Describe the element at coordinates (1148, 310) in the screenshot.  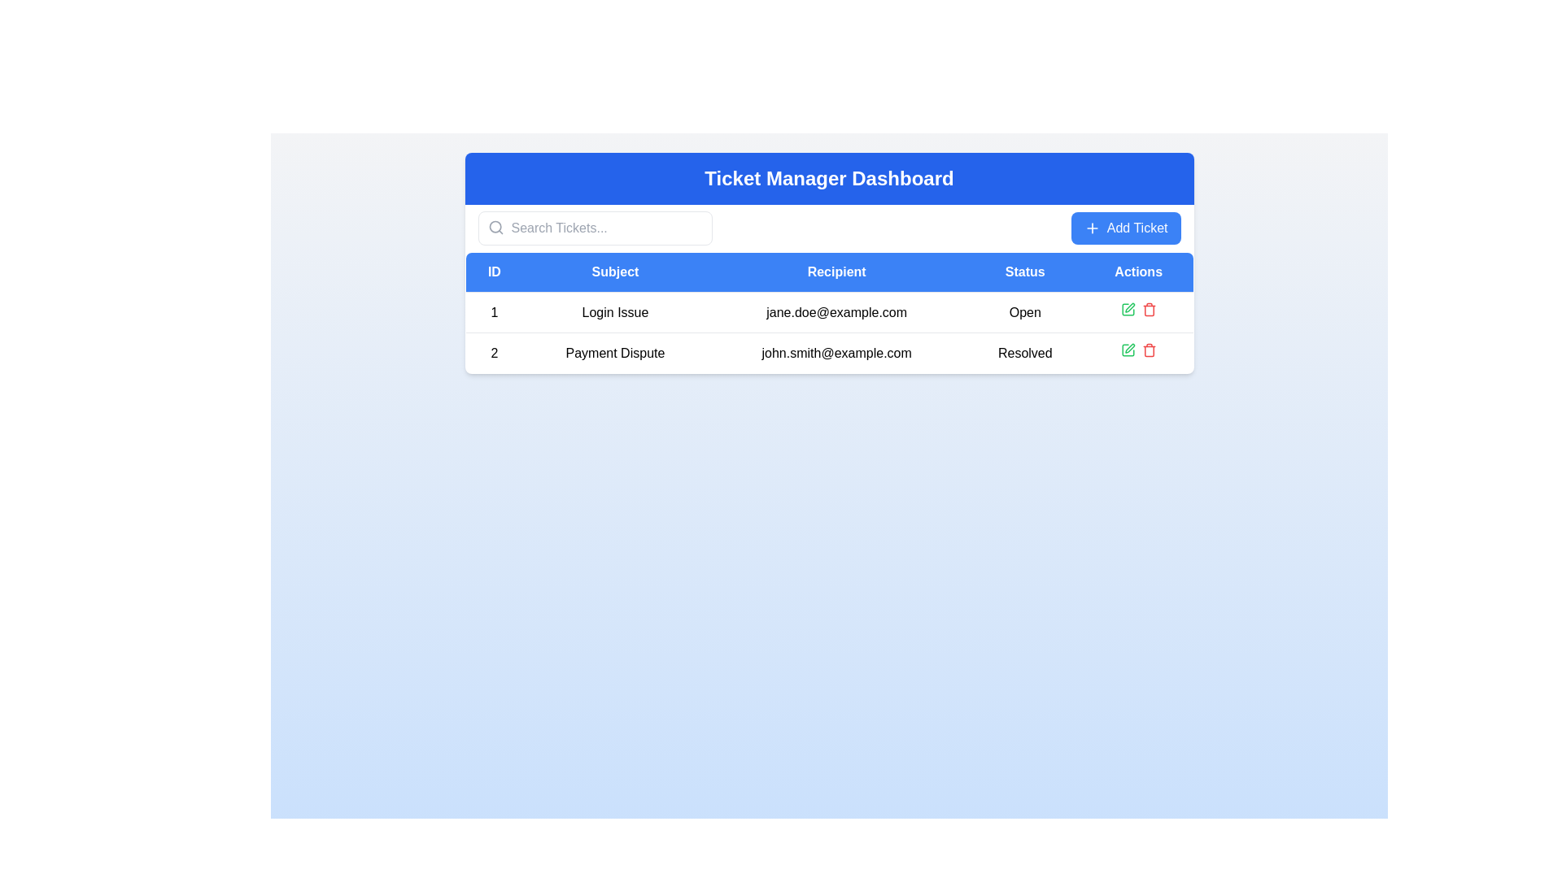
I see `the red trash can button in the Actions column of the second row to initiate a delete action` at that location.